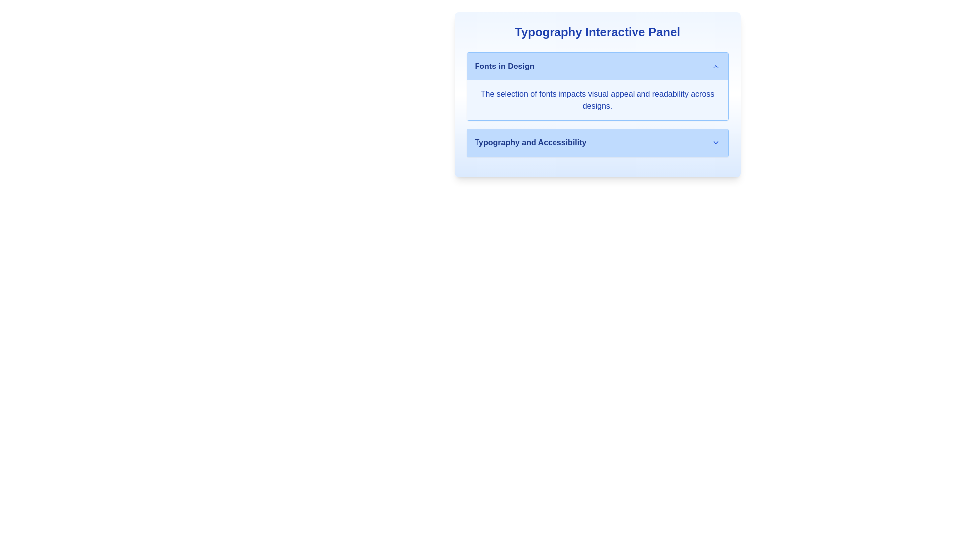 The height and width of the screenshot is (536, 954). What do you see at coordinates (597, 85) in the screenshot?
I see `the first collapsible panel in the 'Typography Interactive Panel'` at bounding box center [597, 85].